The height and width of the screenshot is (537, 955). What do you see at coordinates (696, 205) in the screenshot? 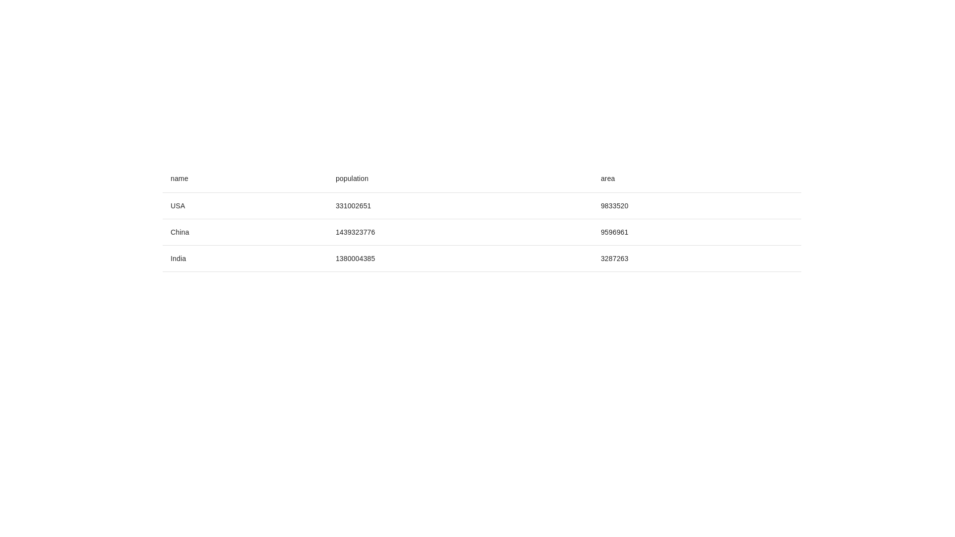
I see `displayed numeric value in the area table cell for the 'USA' entry, which is the third cell in the first data row of the table` at bounding box center [696, 205].